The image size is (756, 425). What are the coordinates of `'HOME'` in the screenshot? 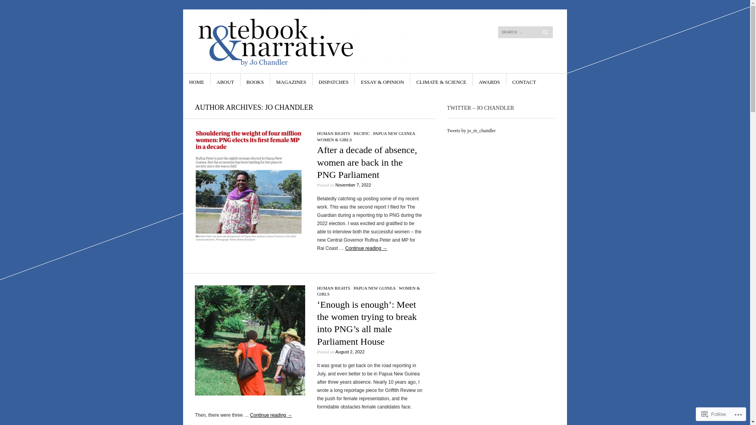 It's located at (196, 79).